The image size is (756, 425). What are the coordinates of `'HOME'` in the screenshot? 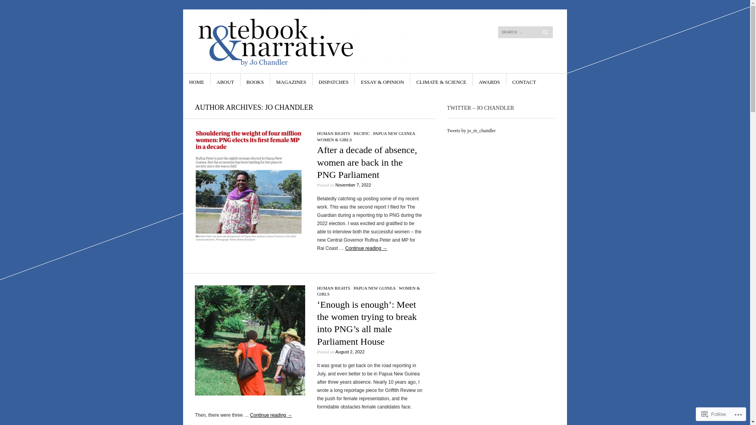 It's located at (196, 79).